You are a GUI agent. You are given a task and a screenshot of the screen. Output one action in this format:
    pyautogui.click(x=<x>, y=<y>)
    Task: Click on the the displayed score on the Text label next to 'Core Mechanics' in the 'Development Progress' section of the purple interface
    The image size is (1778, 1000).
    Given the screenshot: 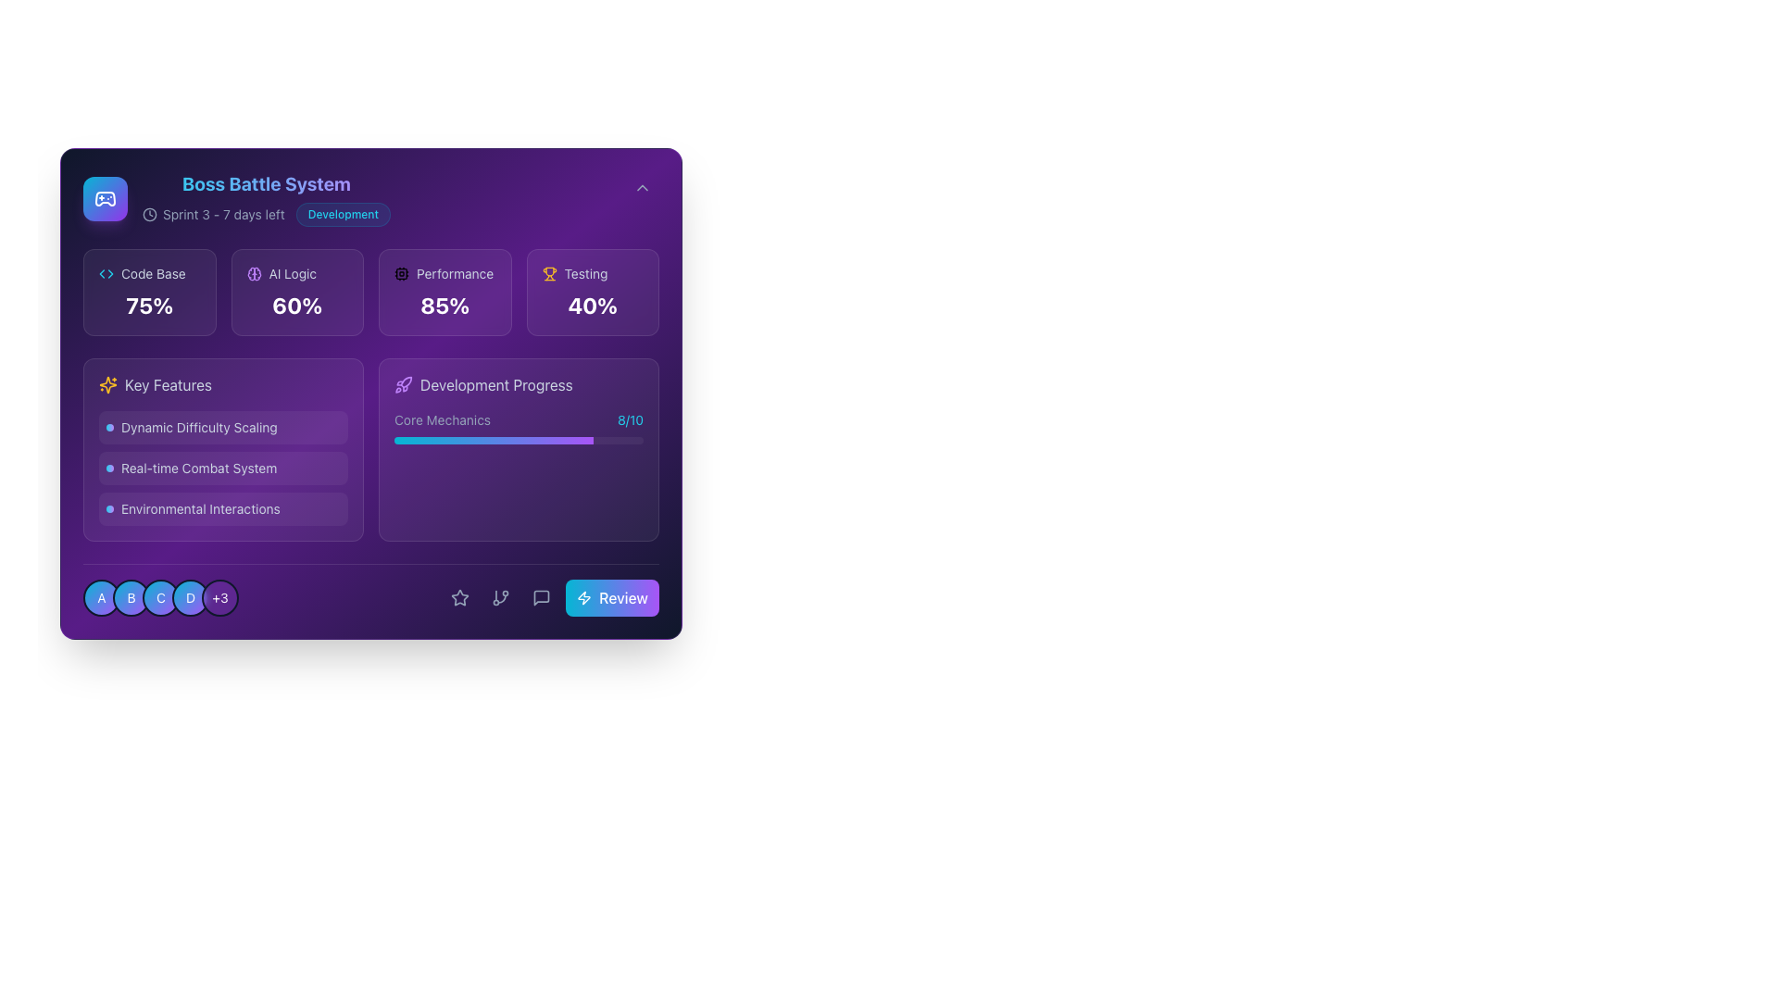 What is the action you would take?
    pyautogui.click(x=631, y=420)
    